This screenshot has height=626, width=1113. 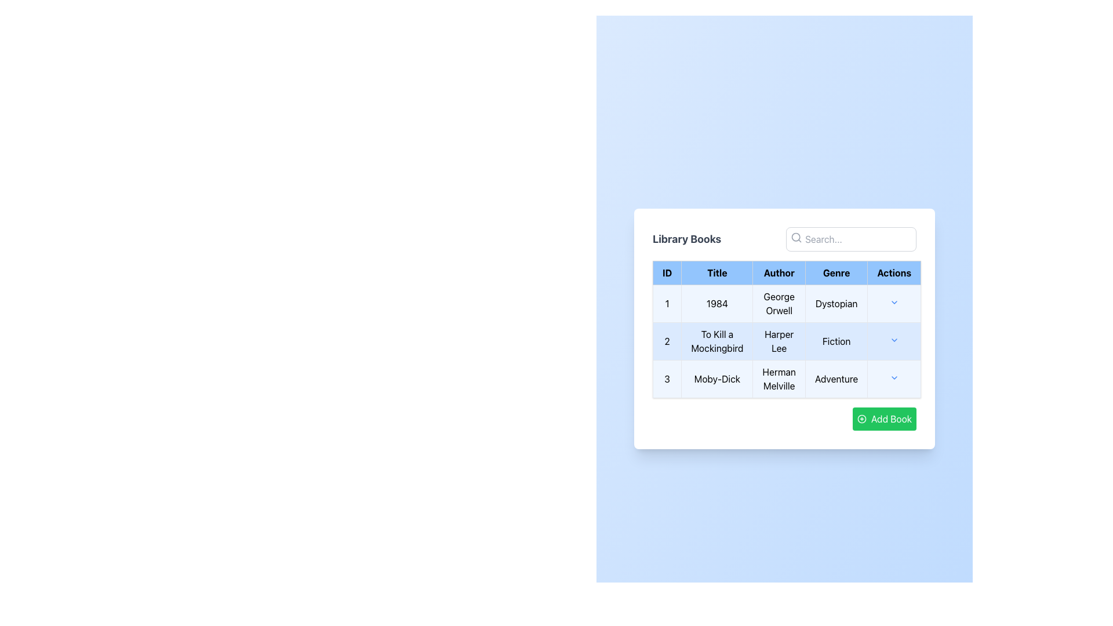 What do you see at coordinates (667, 378) in the screenshot?
I see `the first cell in the third row of the table, which serves as the identifier for that row` at bounding box center [667, 378].